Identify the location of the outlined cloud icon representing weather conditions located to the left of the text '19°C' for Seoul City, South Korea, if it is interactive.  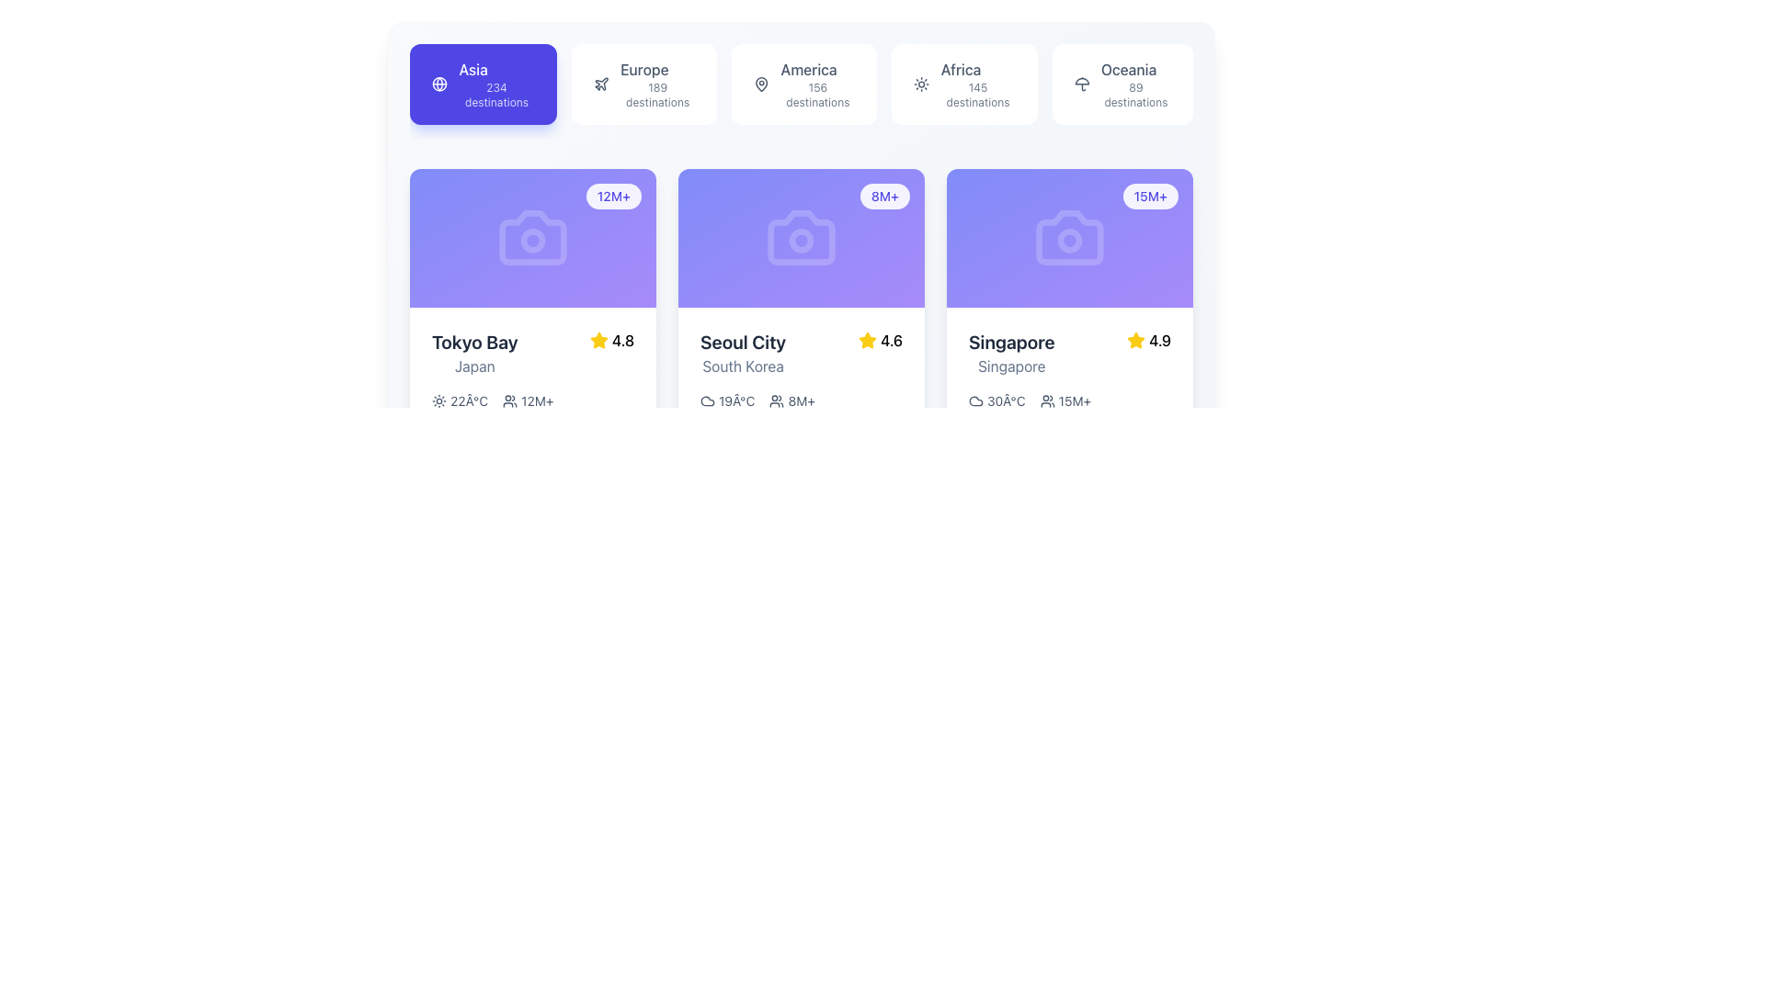
(706, 399).